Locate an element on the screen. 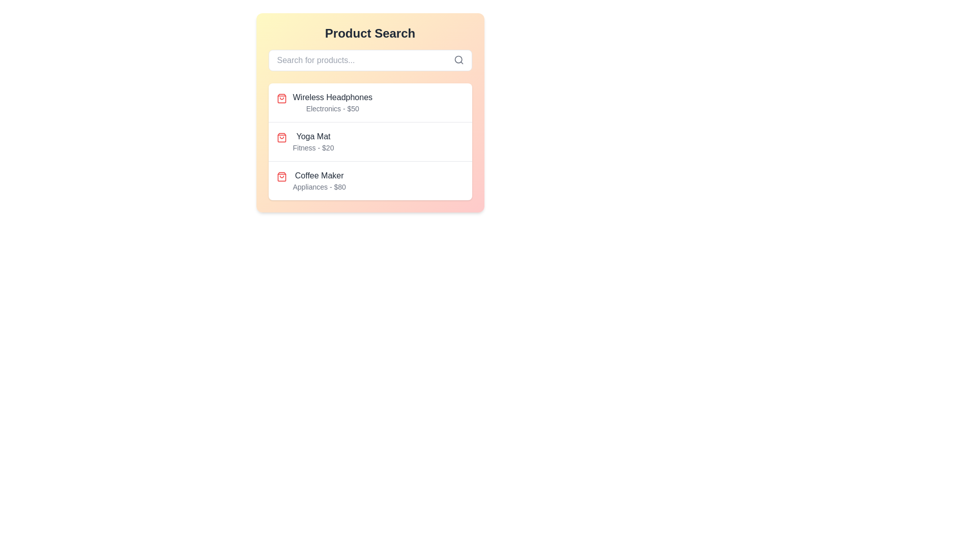 This screenshot has width=977, height=549. information displayed in the 'Yoga Mat' Text Display element, which shows the product name and price is located at coordinates (312, 141).